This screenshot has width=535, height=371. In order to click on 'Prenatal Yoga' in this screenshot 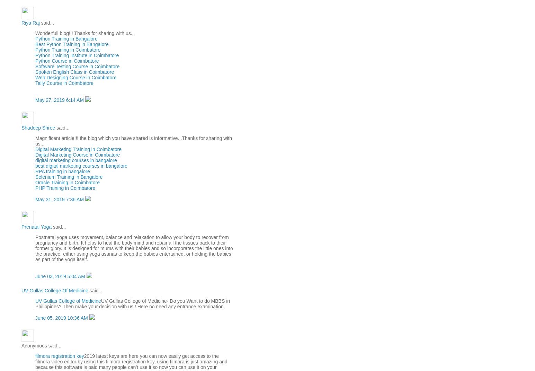, I will do `click(36, 227)`.